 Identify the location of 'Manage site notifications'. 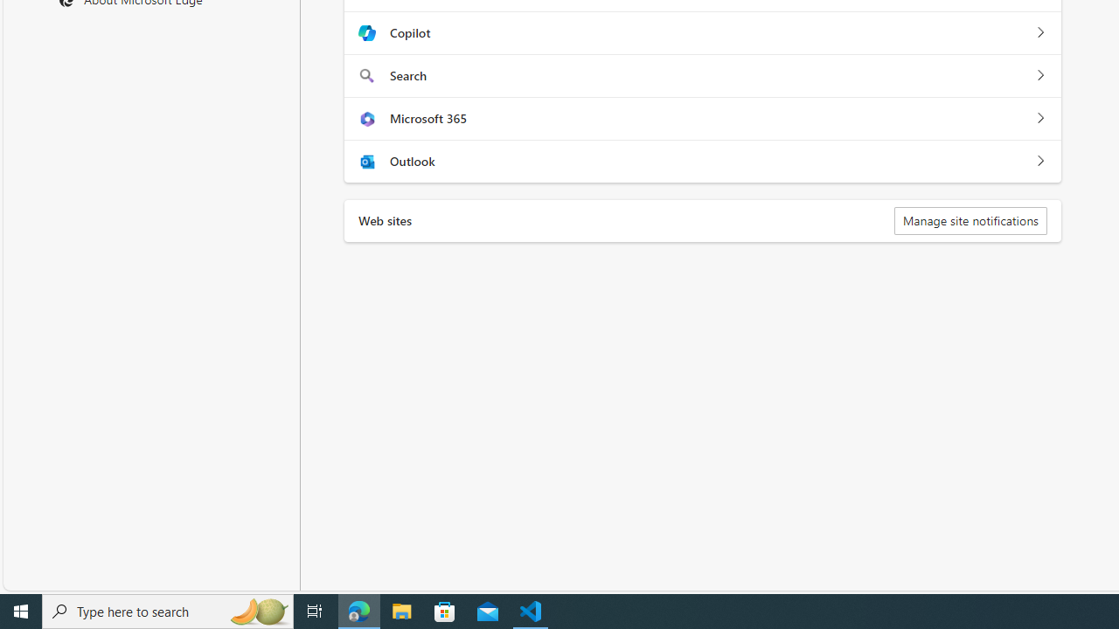
(969, 220).